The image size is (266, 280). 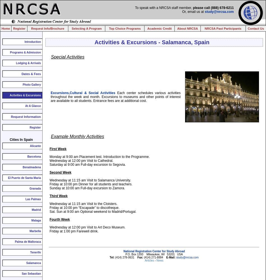 What do you see at coordinates (90, 180) in the screenshot?
I see `'Wednesday at 11:15 am  Visit to Salamanca University.'` at bounding box center [90, 180].